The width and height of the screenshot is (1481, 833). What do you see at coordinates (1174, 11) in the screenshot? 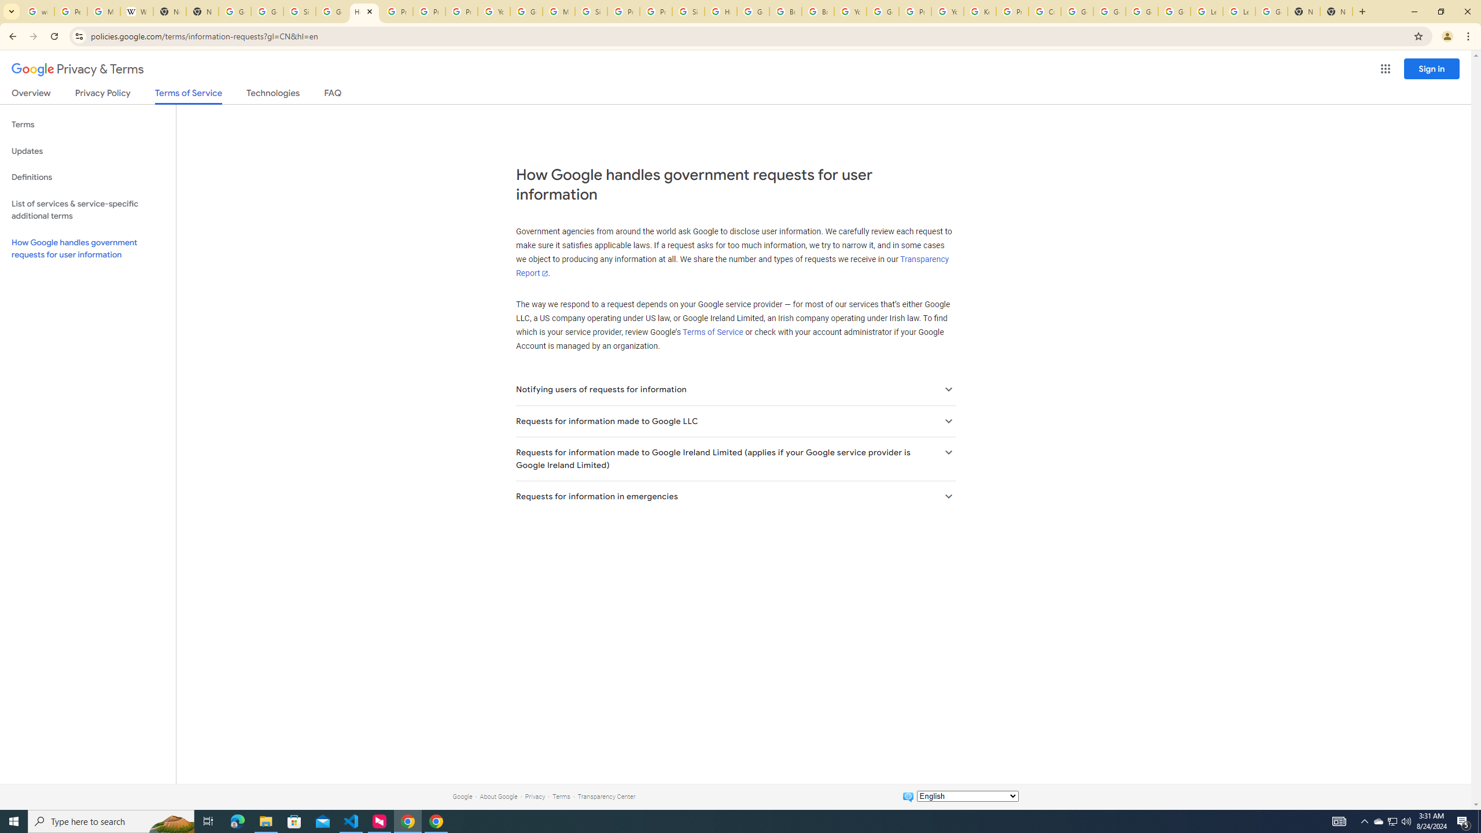
I see `'Google Account Help'` at bounding box center [1174, 11].